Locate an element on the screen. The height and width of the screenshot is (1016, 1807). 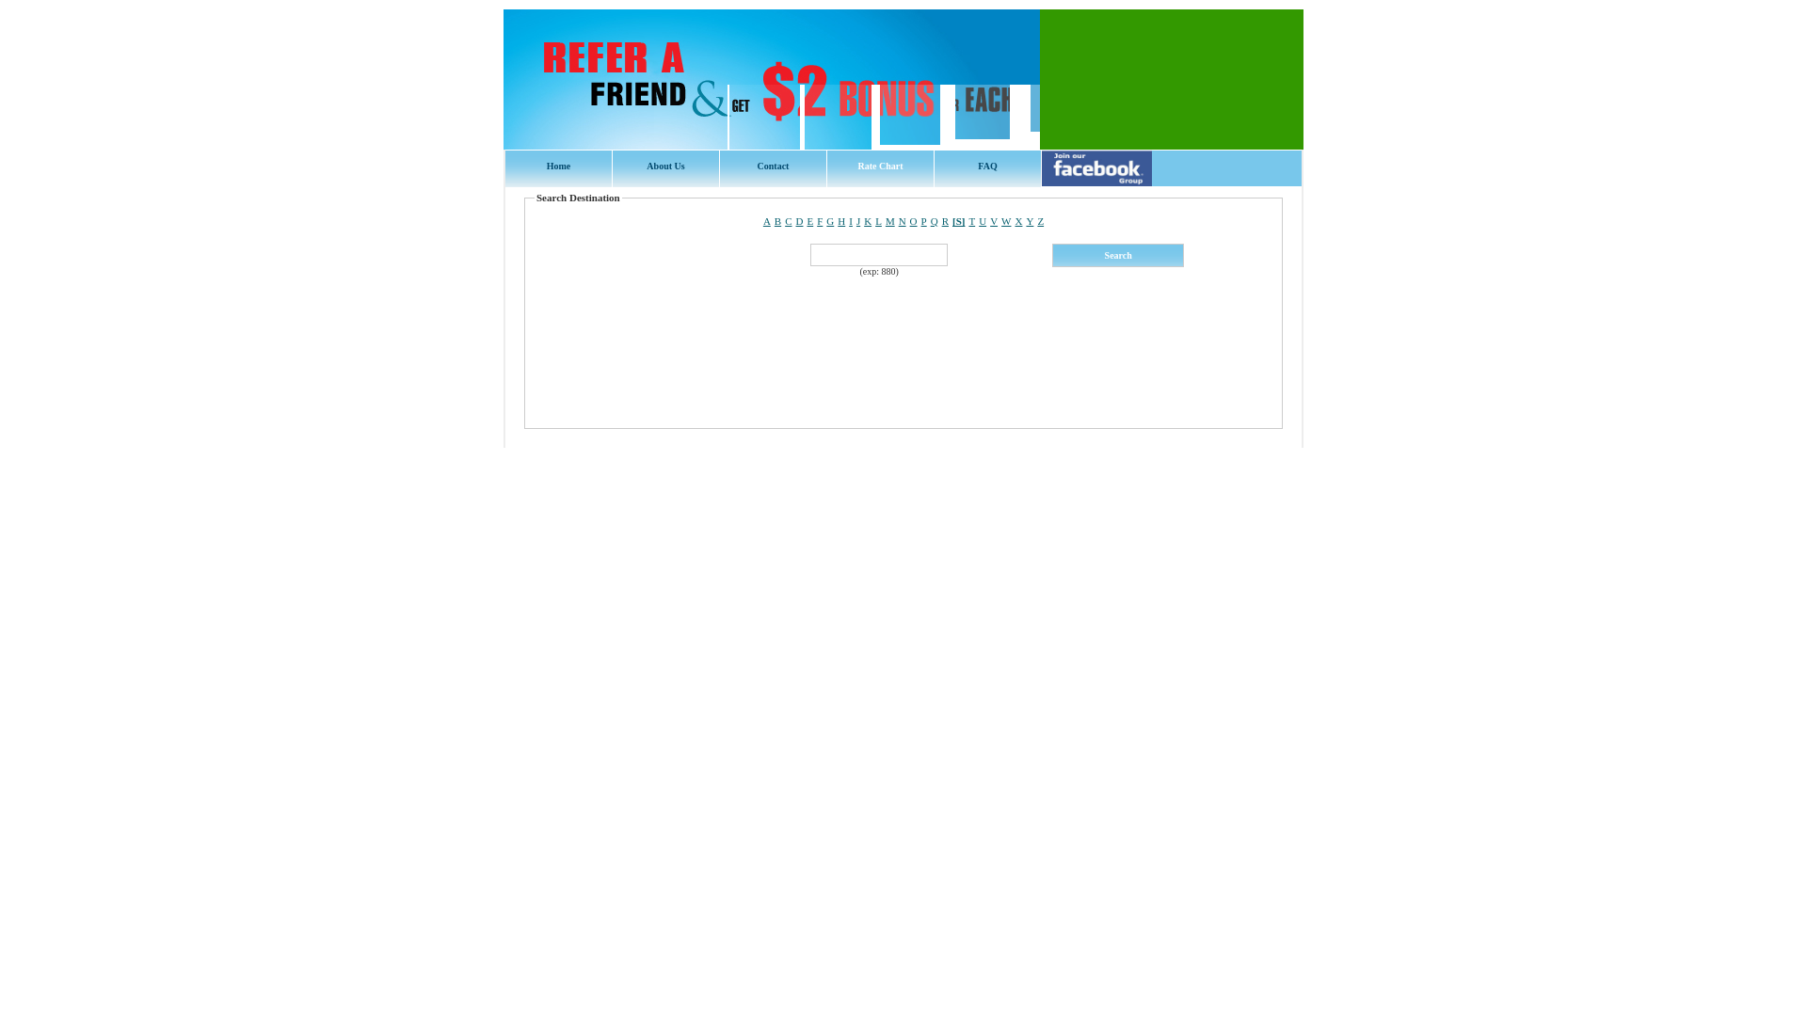
'D' is located at coordinates (799, 220).